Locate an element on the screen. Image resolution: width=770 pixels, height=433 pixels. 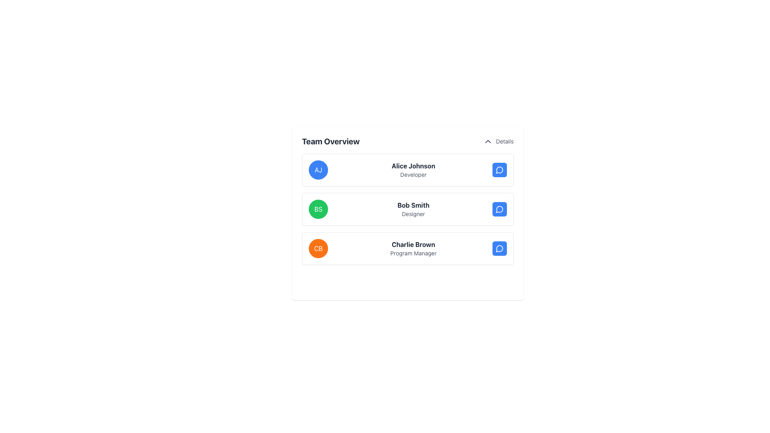
top-most text in the third row of the 'Team Overview' list item, which displays the name associated with 'CB' and is located above the 'Program Manager' label is located at coordinates (413, 244).